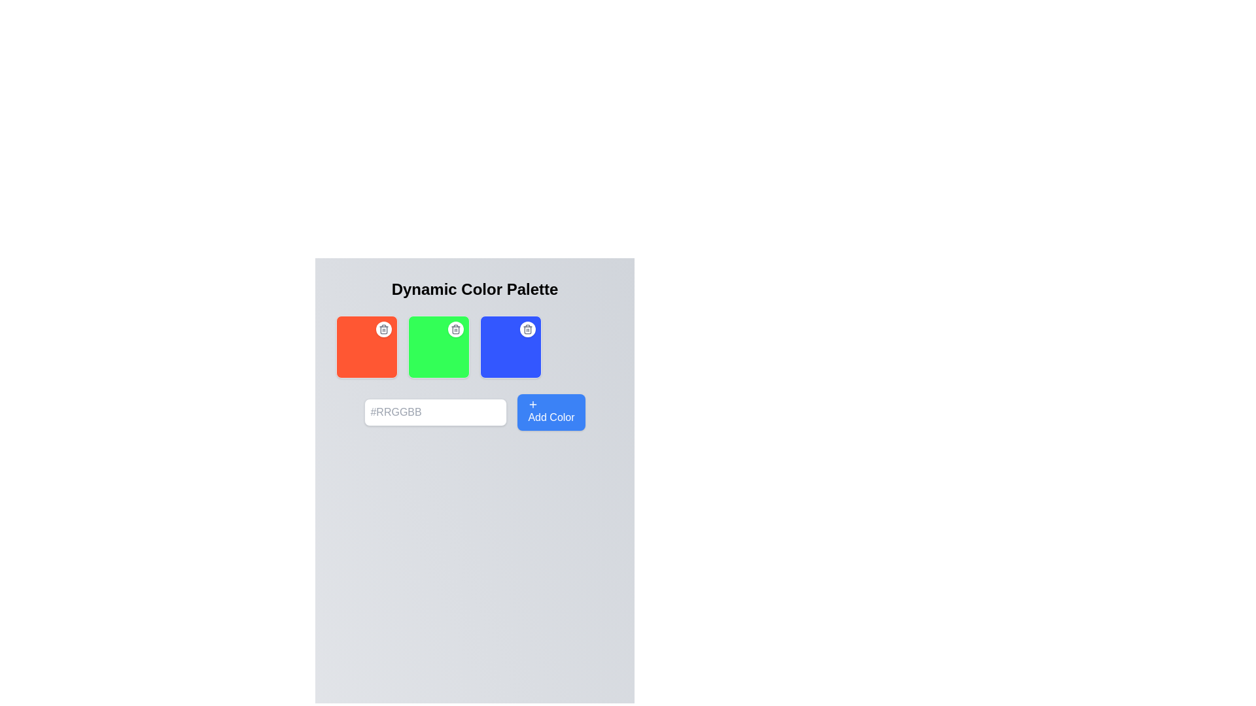 This screenshot has height=706, width=1256. I want to click on the delete button located in the top-right corner of the red rectangular section, so click(383, 329).